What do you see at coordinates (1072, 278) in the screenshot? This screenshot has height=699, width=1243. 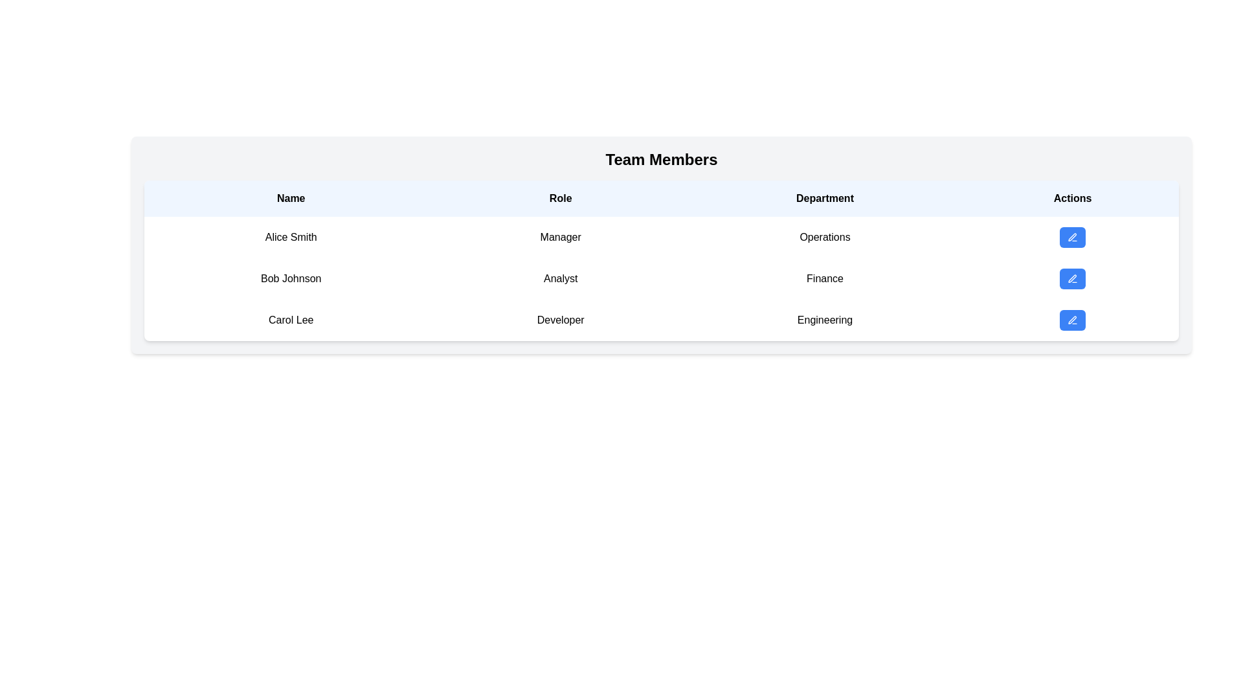 I see `the edit icon for the table entry of 'Bob Johnson' to initiate editing` at bounding box center [1072, 278].